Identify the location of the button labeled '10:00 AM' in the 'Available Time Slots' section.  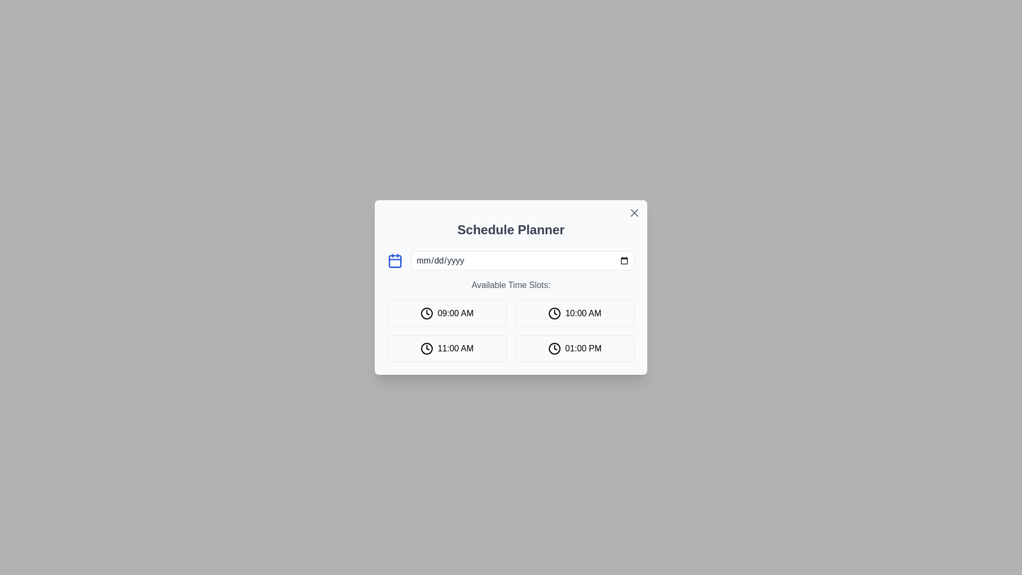
(574, 313).